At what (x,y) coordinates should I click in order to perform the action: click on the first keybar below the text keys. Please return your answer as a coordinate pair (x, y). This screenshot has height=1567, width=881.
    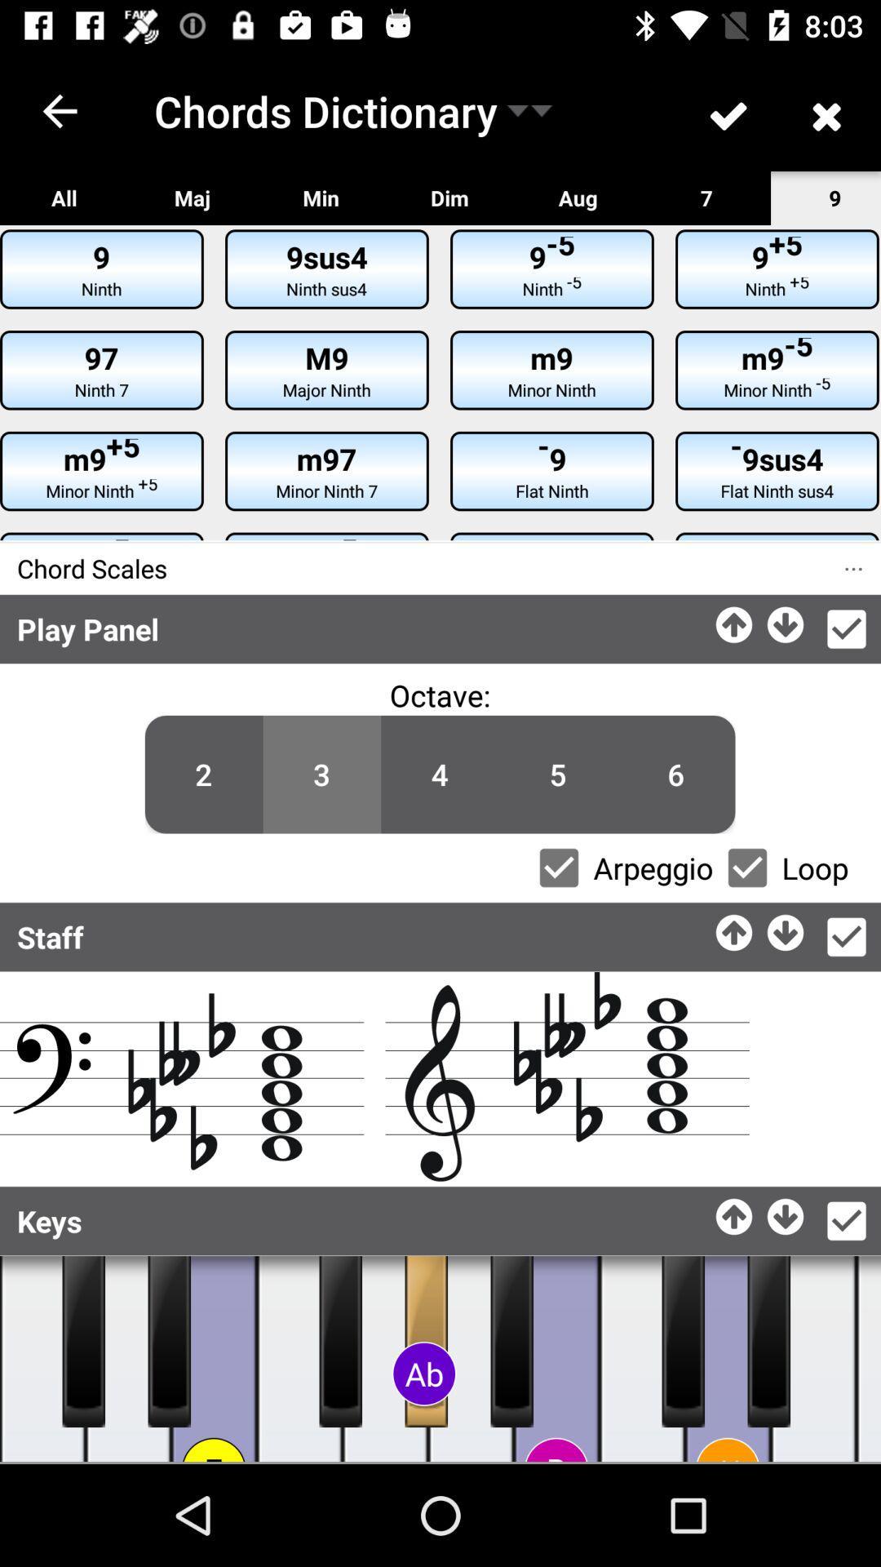
    Looking at the image, I should click on (84, 1341).